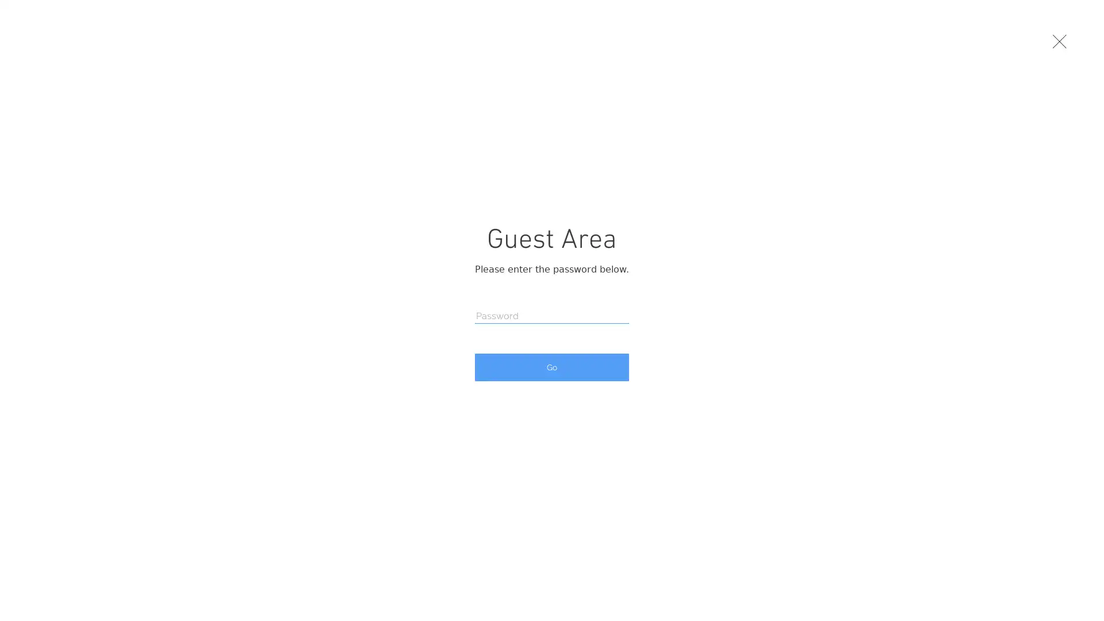 The height and width of the screenshot is (621, 1104). I want to click on Close, so click(1060, 42).